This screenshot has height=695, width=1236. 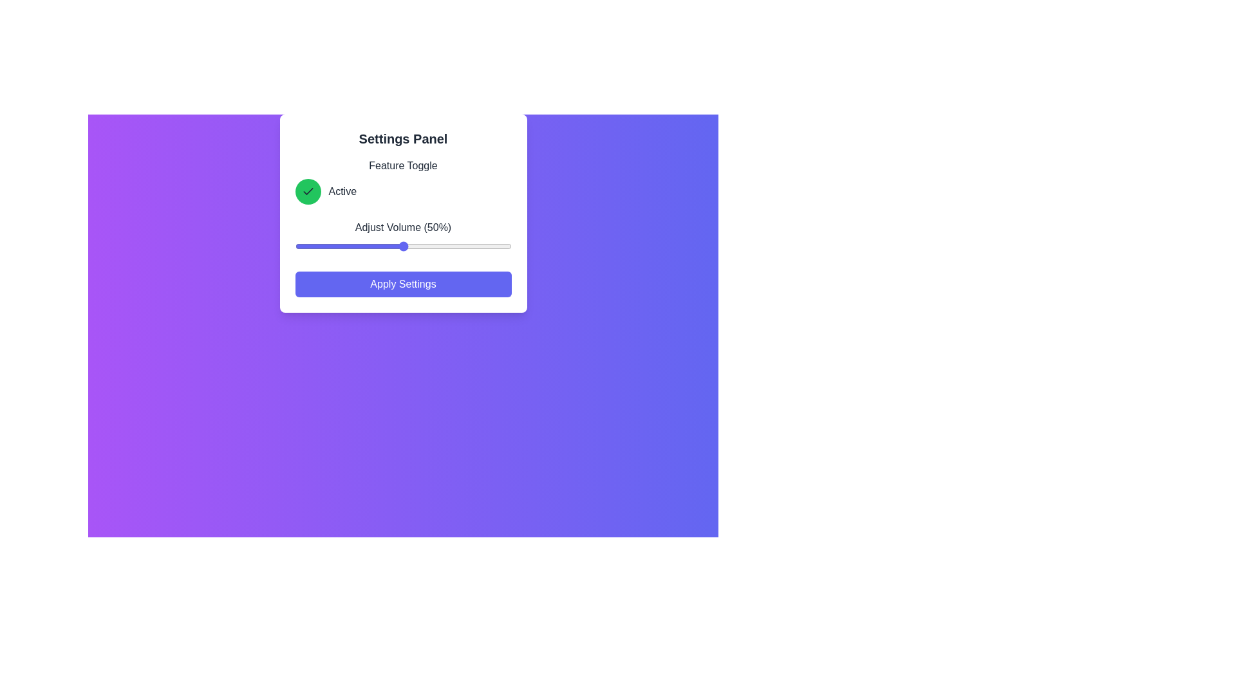 I want to click on the volume, so click(x=364, y=246).